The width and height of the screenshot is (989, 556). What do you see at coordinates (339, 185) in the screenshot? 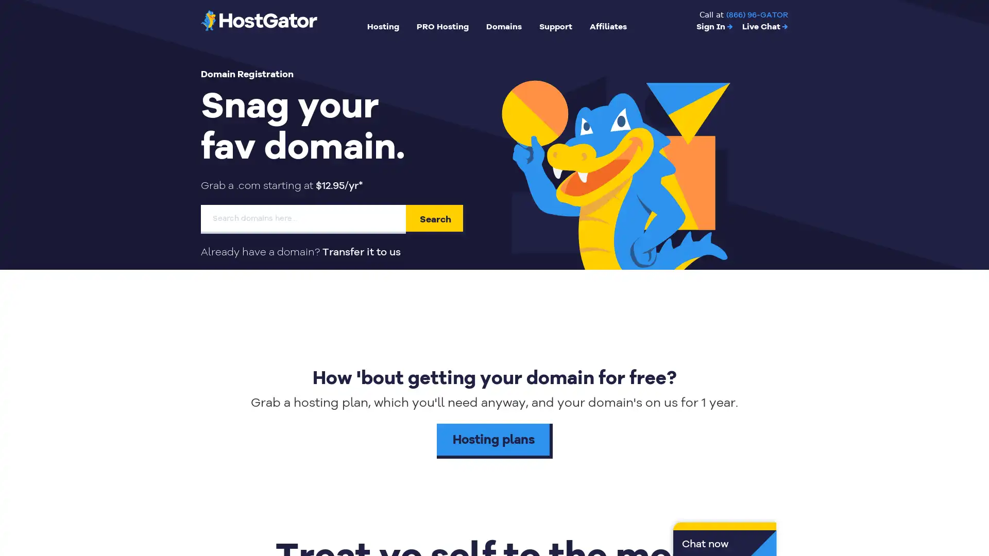
I see `$12.95/yr*` at bounding box center [339, 185].